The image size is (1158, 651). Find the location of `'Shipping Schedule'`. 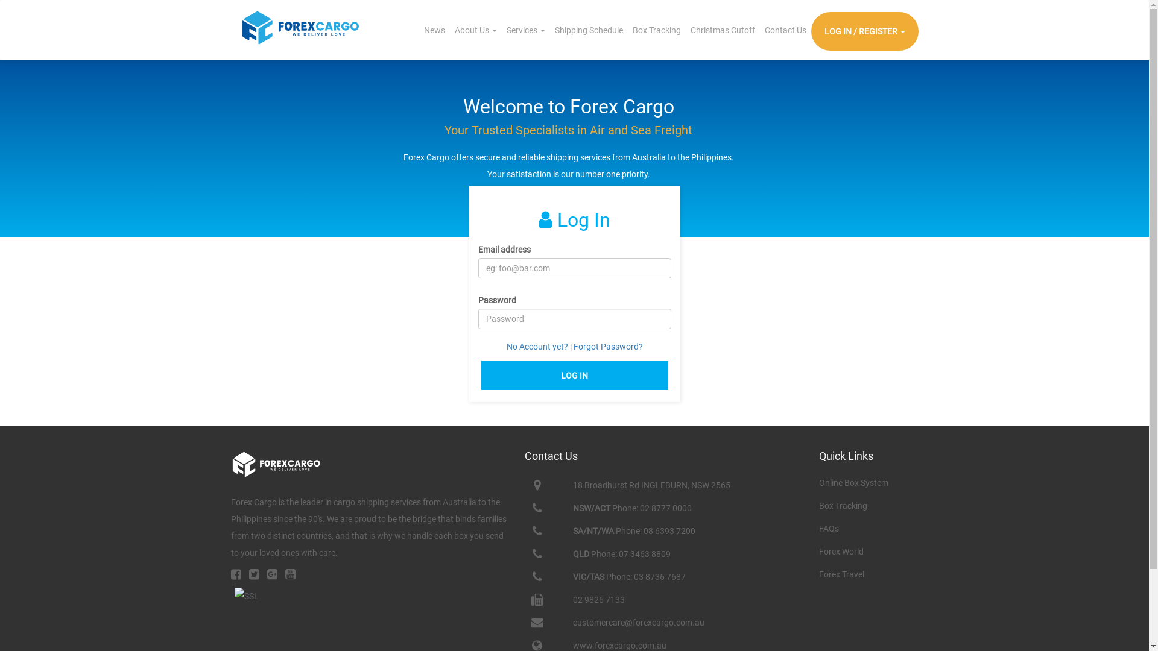

'Shipping Schedule' is located at coordinates (589, 30).